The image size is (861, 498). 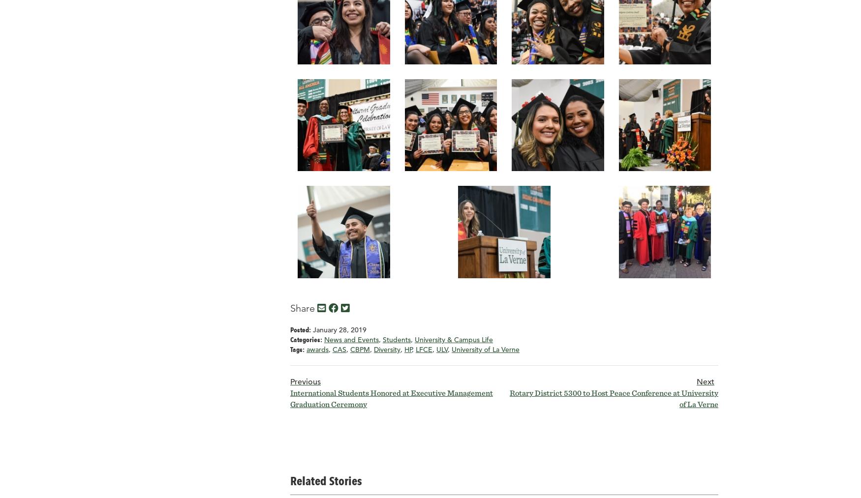 What do you see at coordinates (485, 350) in the screenshot?
I see `'University of La Verne'` at bounding box center [485, 350].